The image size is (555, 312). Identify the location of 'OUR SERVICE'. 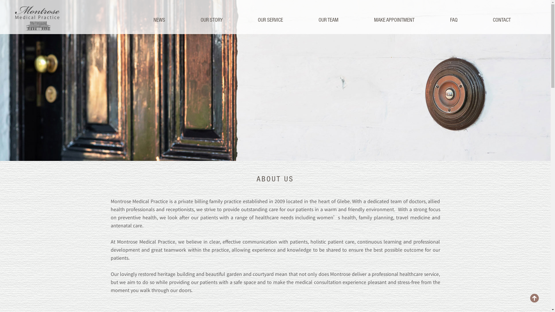
(270, 20).